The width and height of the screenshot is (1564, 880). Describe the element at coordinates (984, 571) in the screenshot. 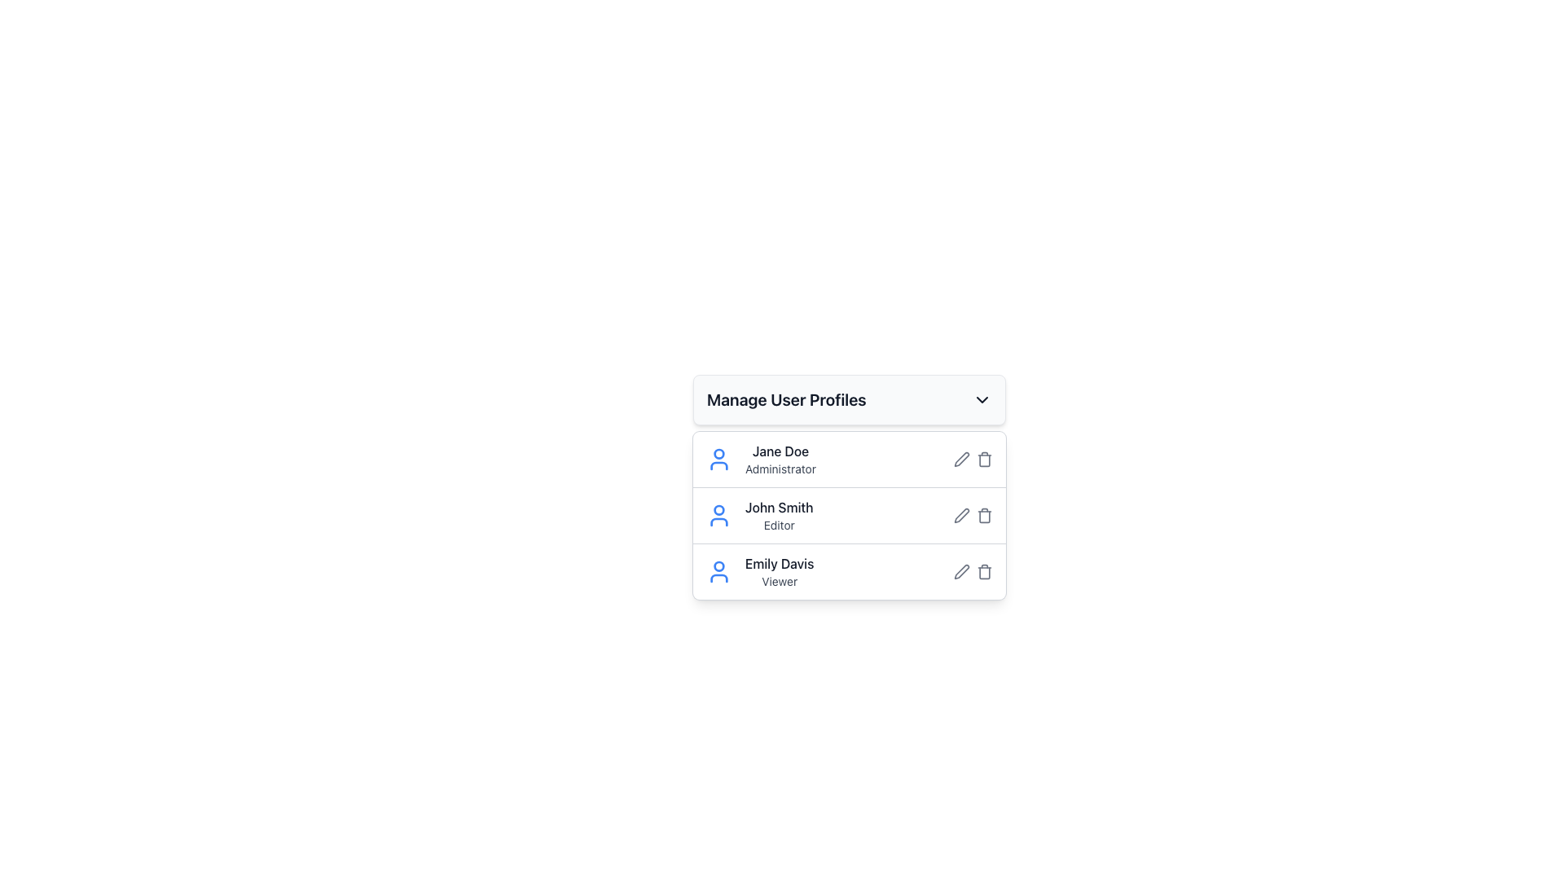

I see `the delete icon button located in the last row of the user list, adjacent to Emily Davis, to initiate the deletion process` at that location.